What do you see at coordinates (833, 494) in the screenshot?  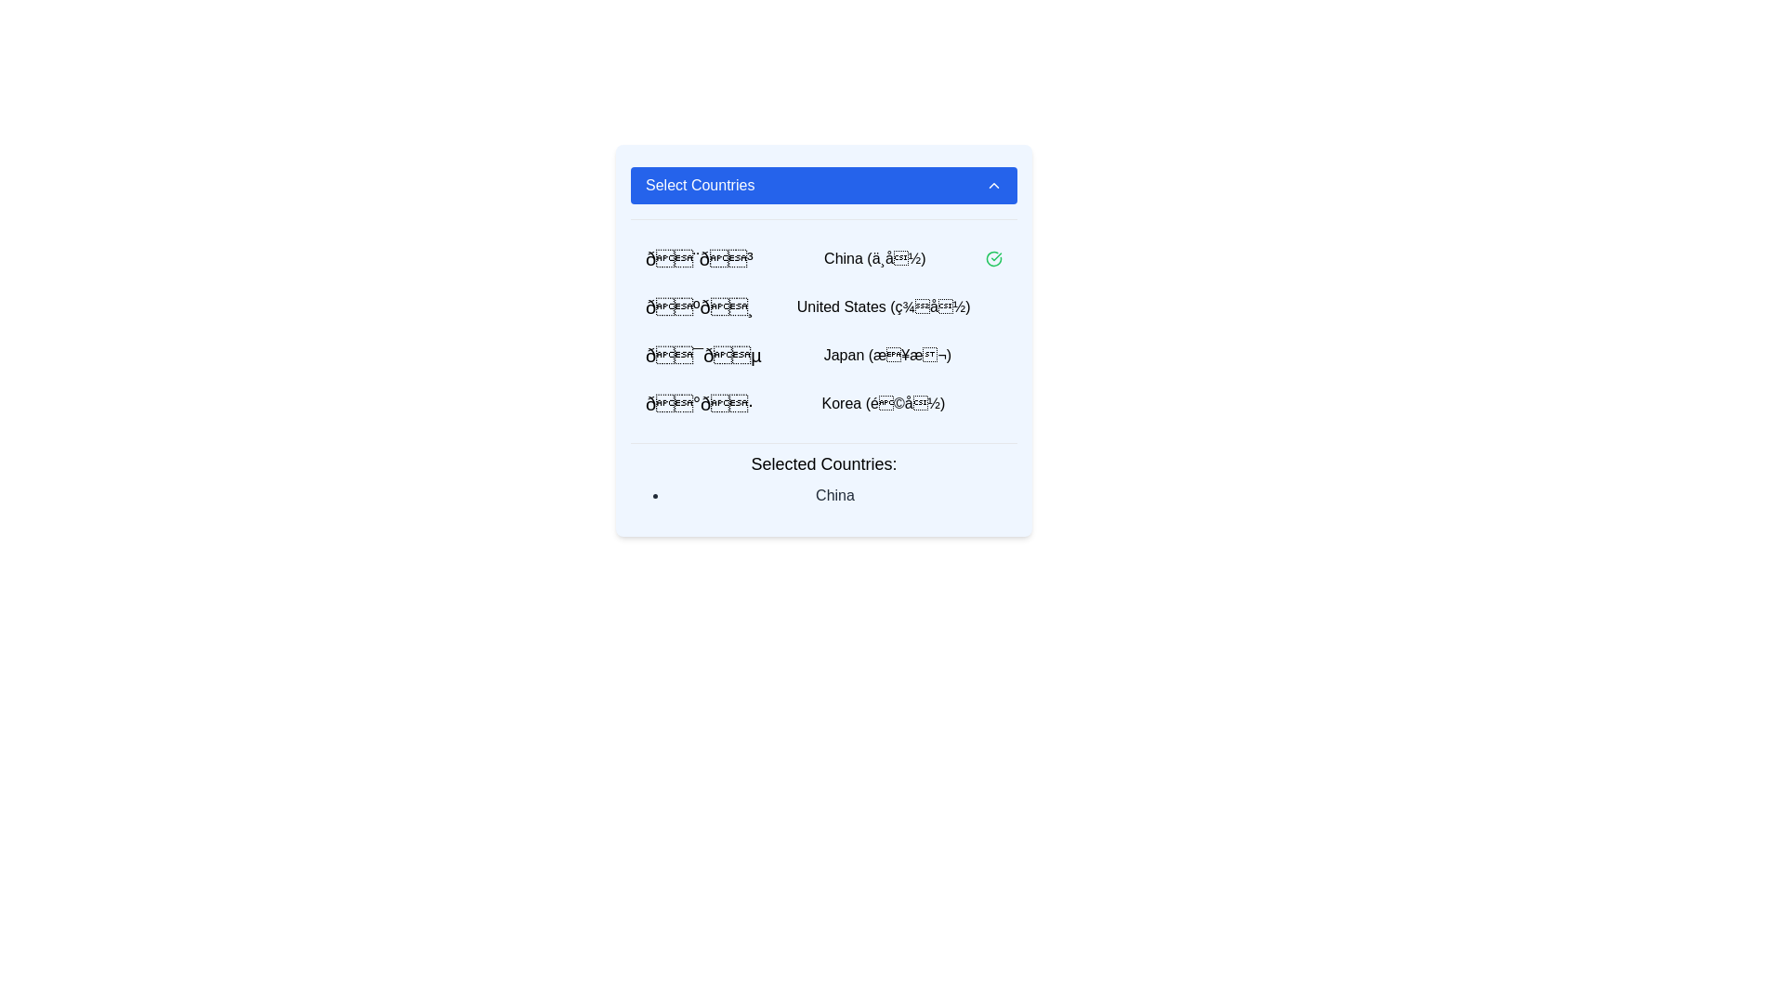 I see `the text label displaying 'China' which is the only bullet point under the header 'Selected Countries:' to potentially reveal tooltips` at bounding box center [833, 494].